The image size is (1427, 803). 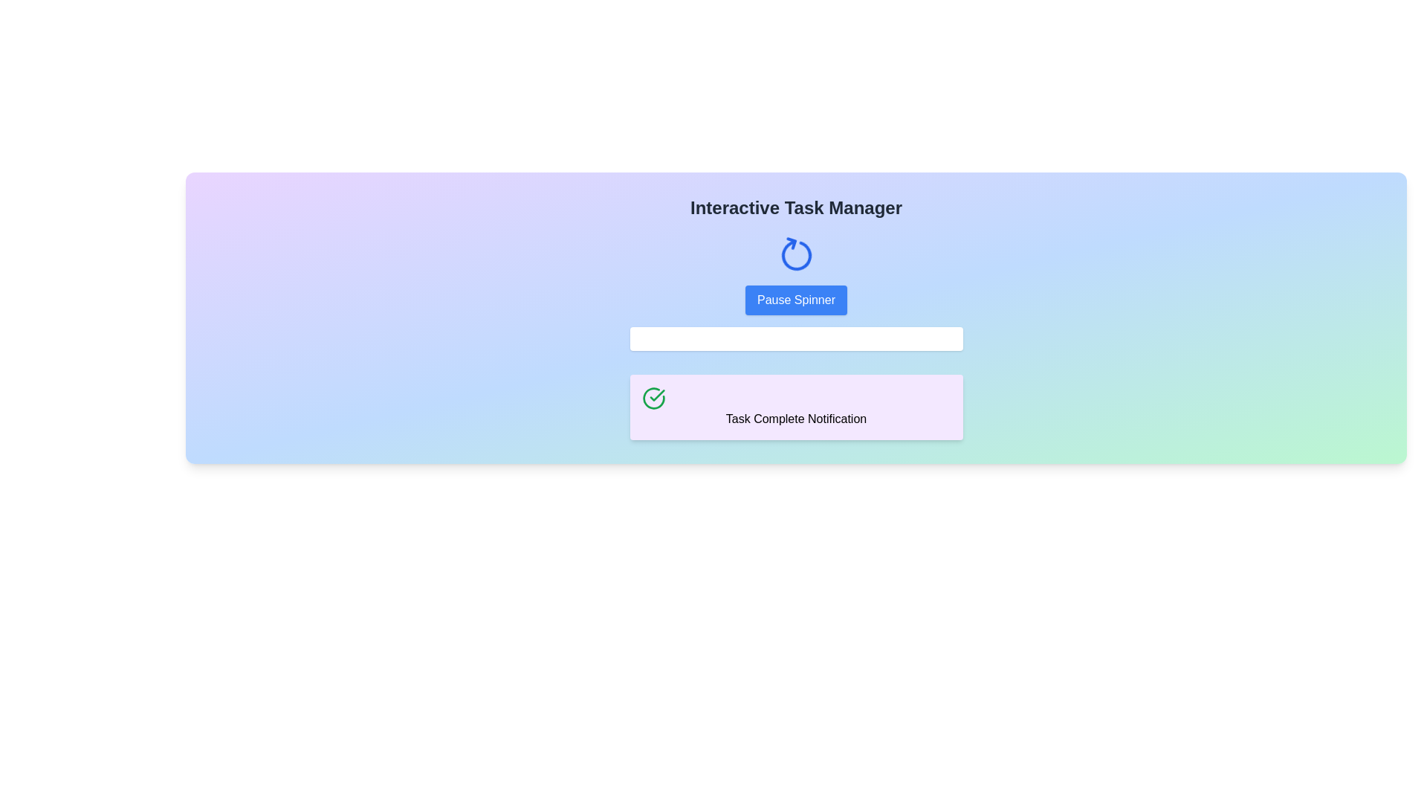 I want to click on the pause button located directly beneath the animated spinner in the Interactive Task Manager interface to observe its hover effect, so click(x=795, y=300).